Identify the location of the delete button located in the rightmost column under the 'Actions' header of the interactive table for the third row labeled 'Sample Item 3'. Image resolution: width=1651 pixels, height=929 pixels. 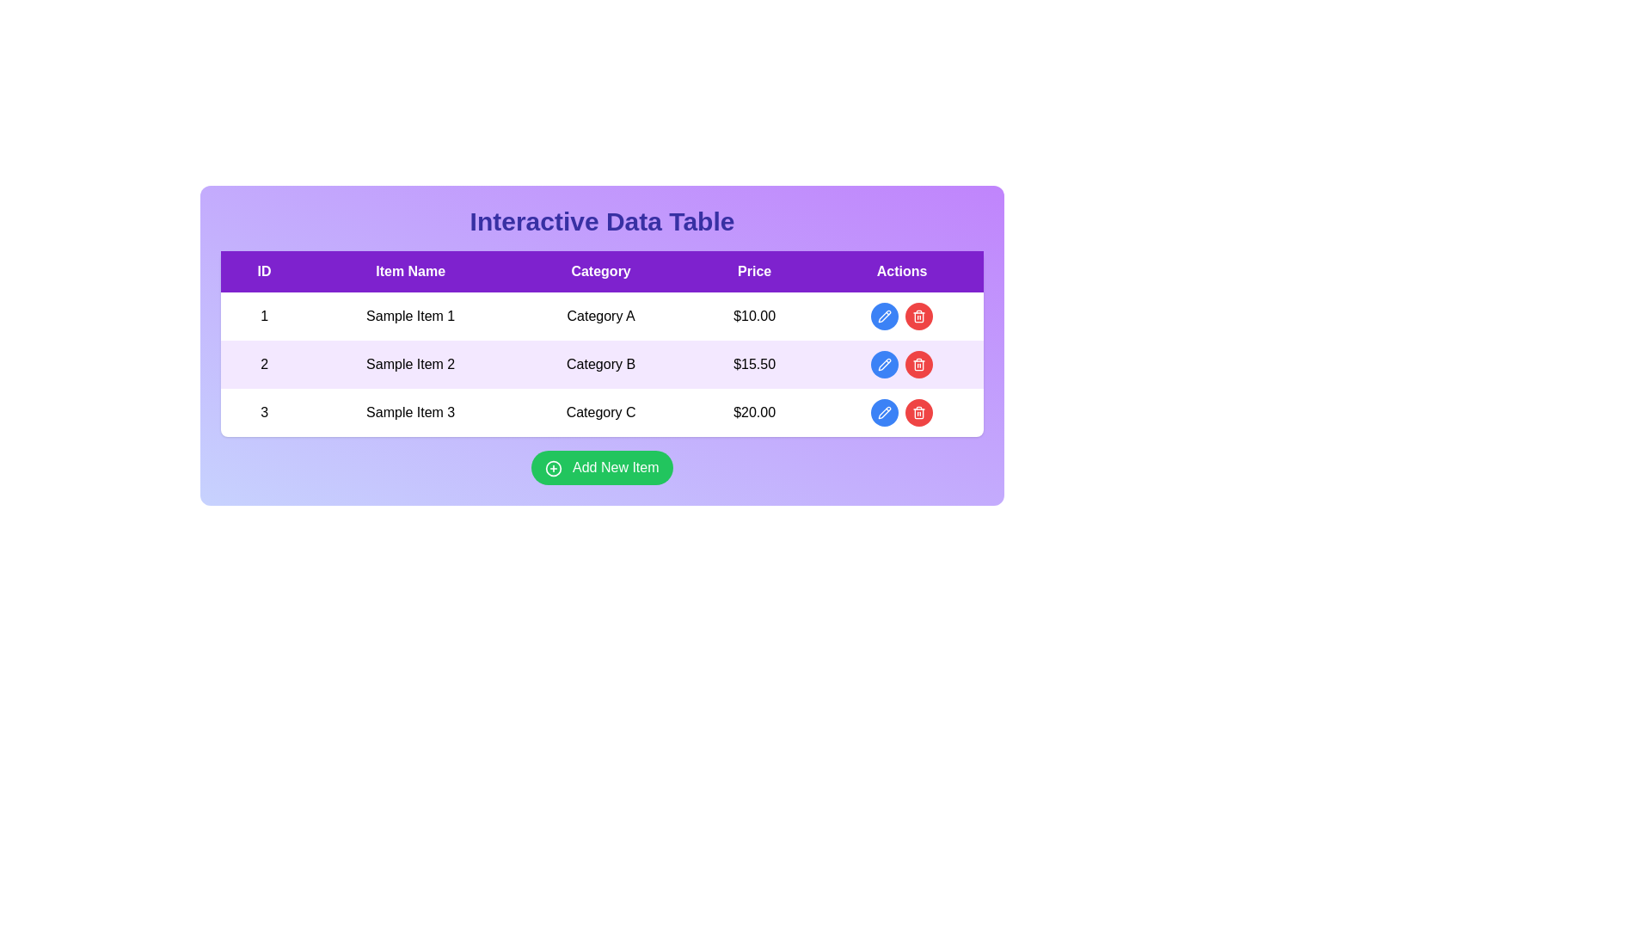
(918, 412).